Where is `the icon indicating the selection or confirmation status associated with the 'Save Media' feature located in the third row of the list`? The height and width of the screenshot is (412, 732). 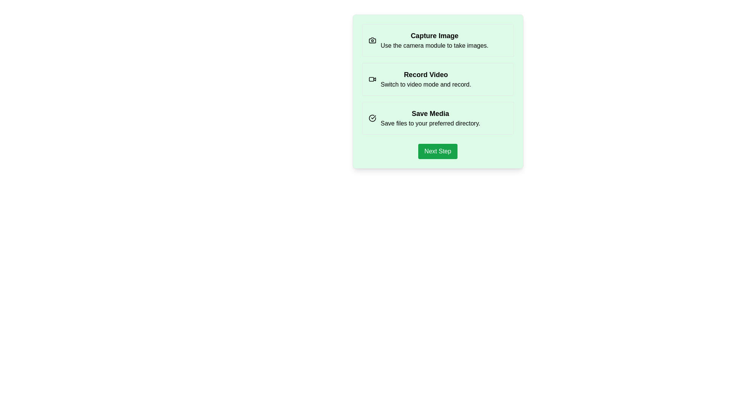
the icon indicating the selection or confirmation status associated with the 'Save Media' feature located in the third row of the list is located at coordinates (372, 118).